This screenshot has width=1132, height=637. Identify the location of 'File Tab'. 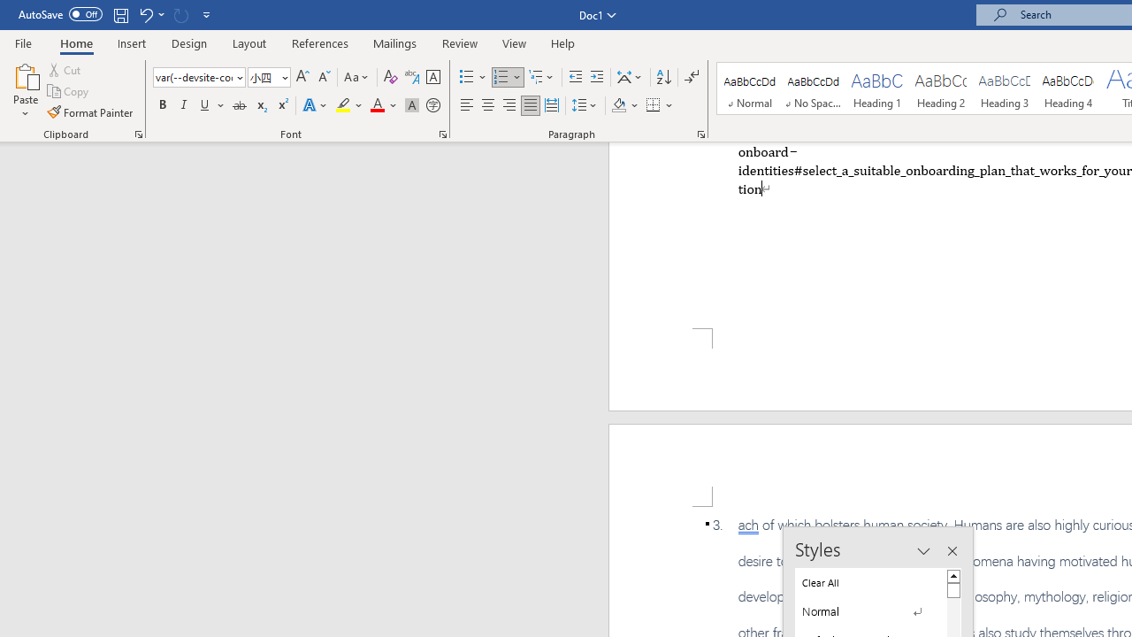
(23, 42).